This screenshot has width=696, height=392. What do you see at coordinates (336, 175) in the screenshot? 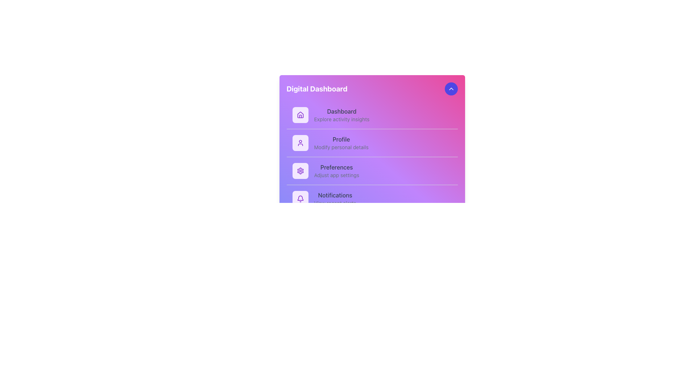
I see `the small gray text label reading 'Adjust app settings', which is positioned directly beneath the header 'Preferences' in the upper-middle section of the interface` at bounding box center [336, 175].